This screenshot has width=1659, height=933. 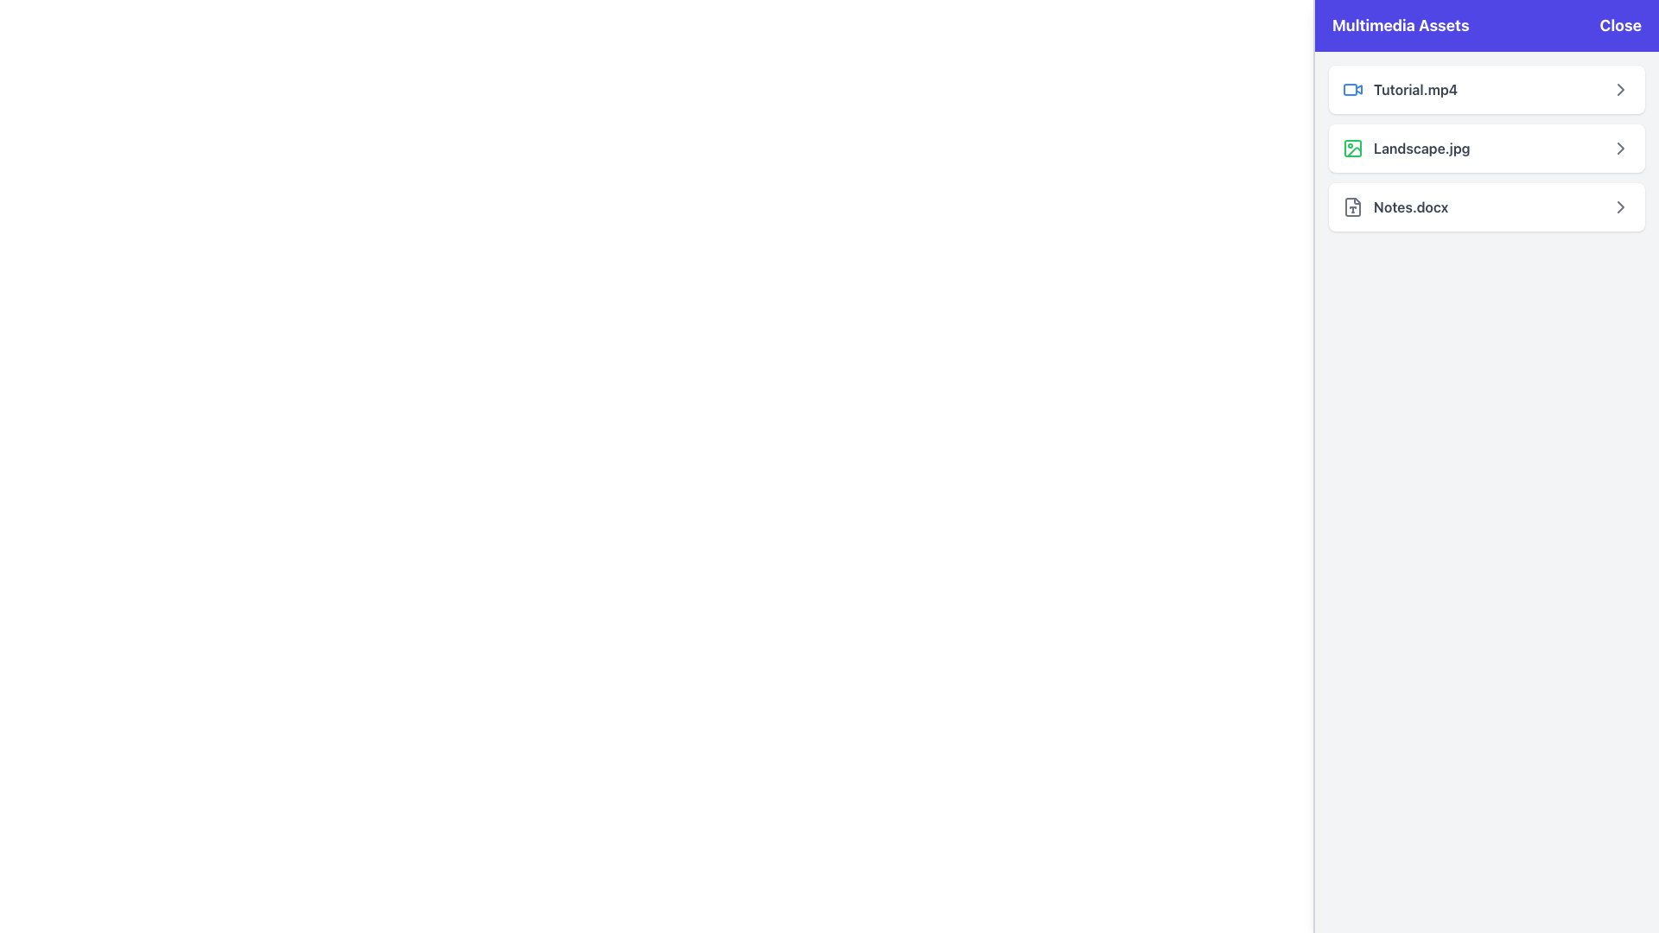 What do you see at coordinates (1486, 206) in the screenshot?
I see `the list item labeled 'Notes.docx' in the navigation panel` at bounding box center [1486, 206].